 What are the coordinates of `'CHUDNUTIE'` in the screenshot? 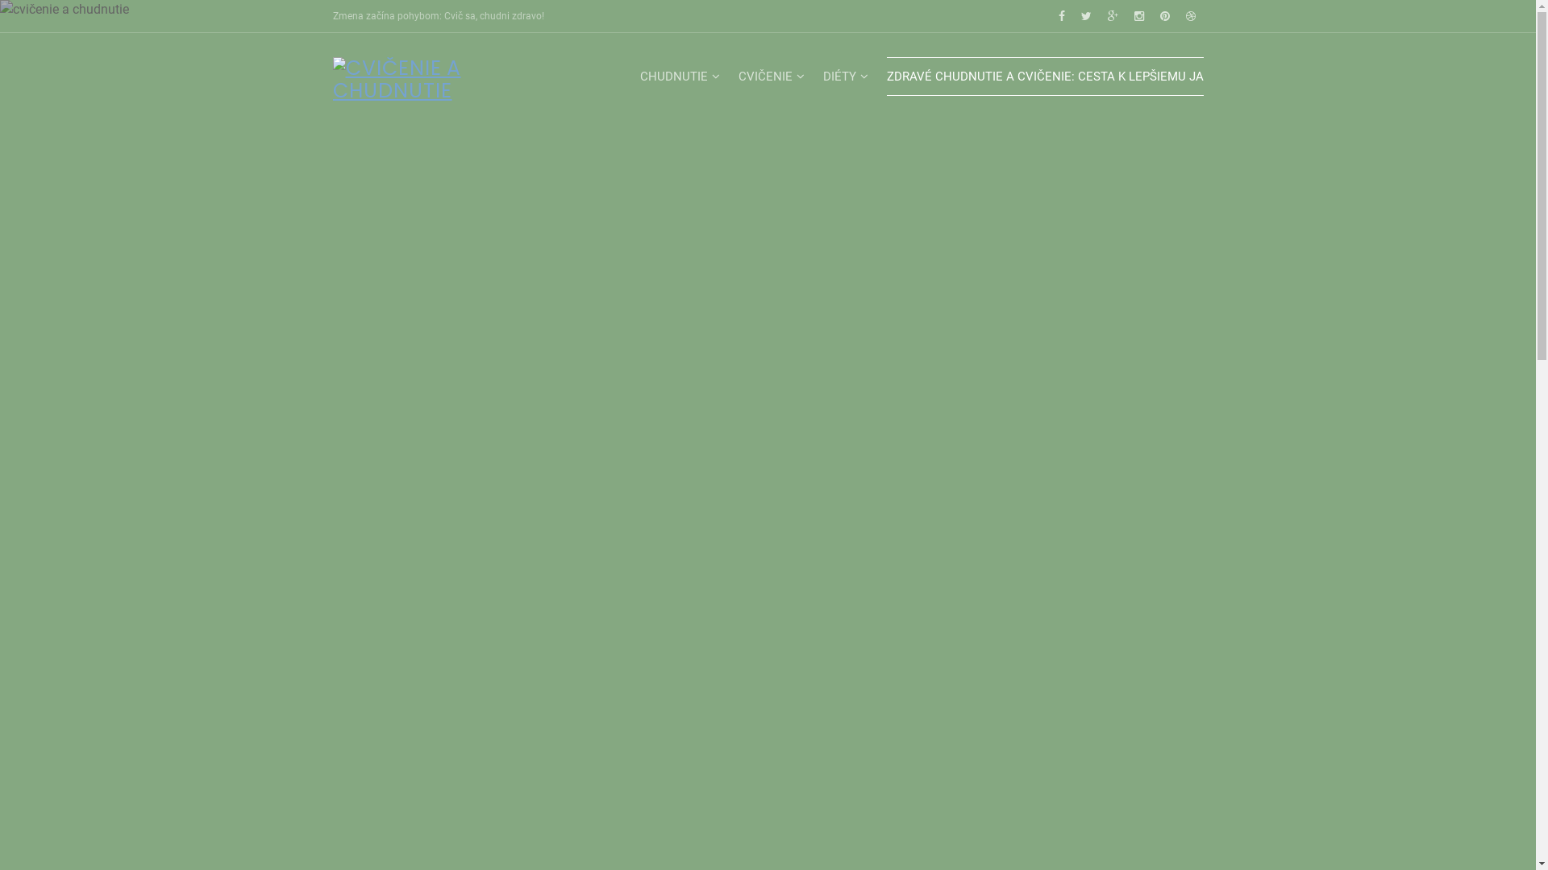 It's located at (639, 77).